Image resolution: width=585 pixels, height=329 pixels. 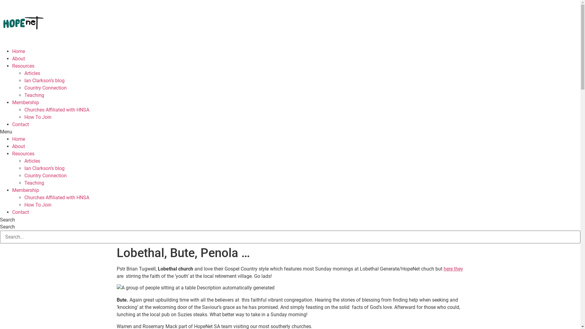 What do you see at coordinates (57, 197) in the screenshot?
I see `'Churches Affiliated with HNSA'` at bounding box center [57, 197].